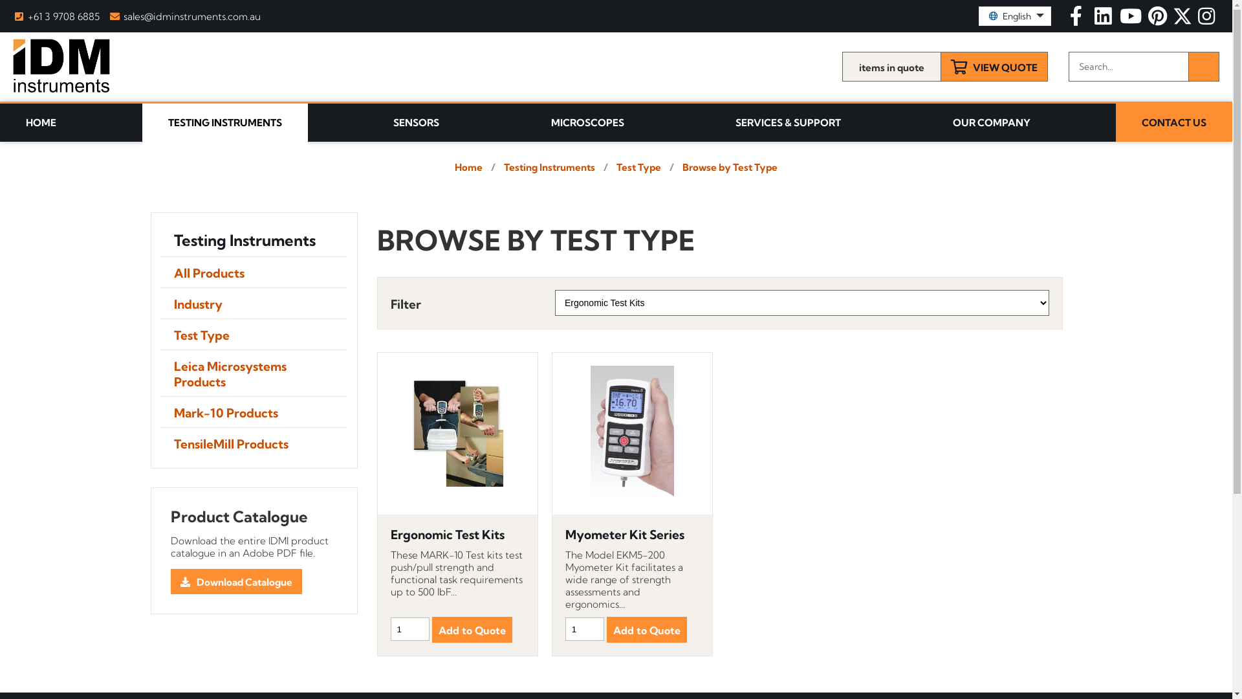 Image resolution: width=1242 pixels, height=699 pixels. Describe the element at coordinates (1206, 19) in the screenshot. I see `'IDM Instruments on Instagram'` at that location.